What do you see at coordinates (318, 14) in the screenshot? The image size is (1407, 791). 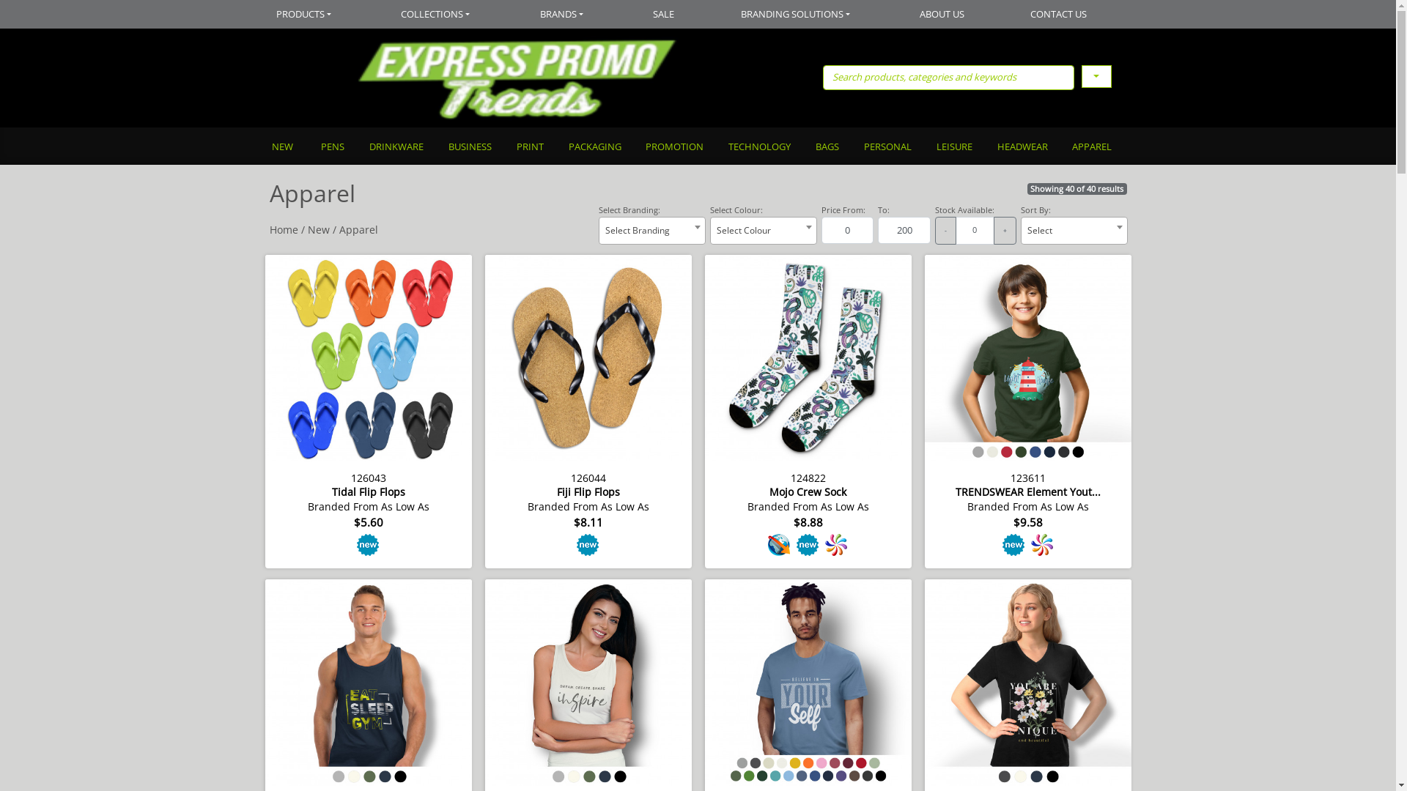 I see `'PRODUCTS'` at bounding box center [318, 14].